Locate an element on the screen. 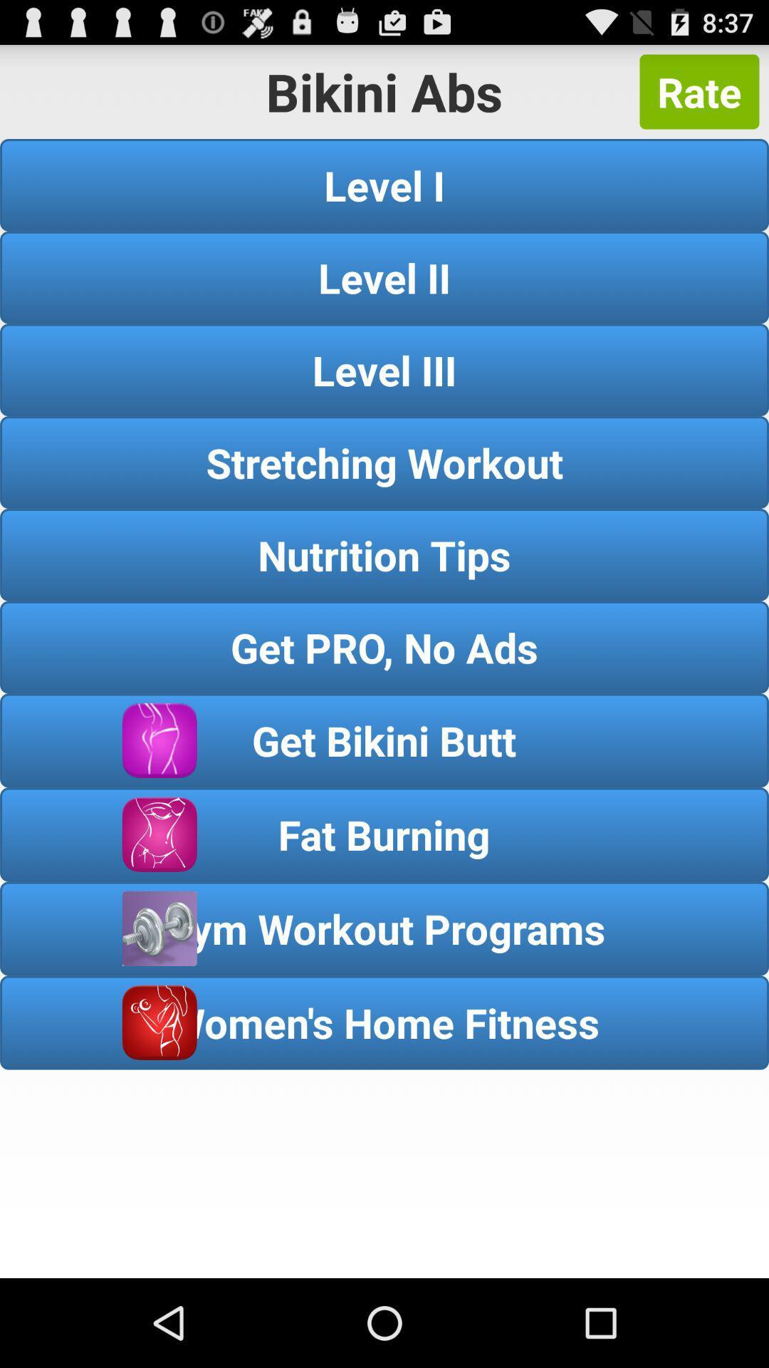 This screenshot has width=769, height=1368. the app next to the bikini abs app is located at coordinates (699, 91).